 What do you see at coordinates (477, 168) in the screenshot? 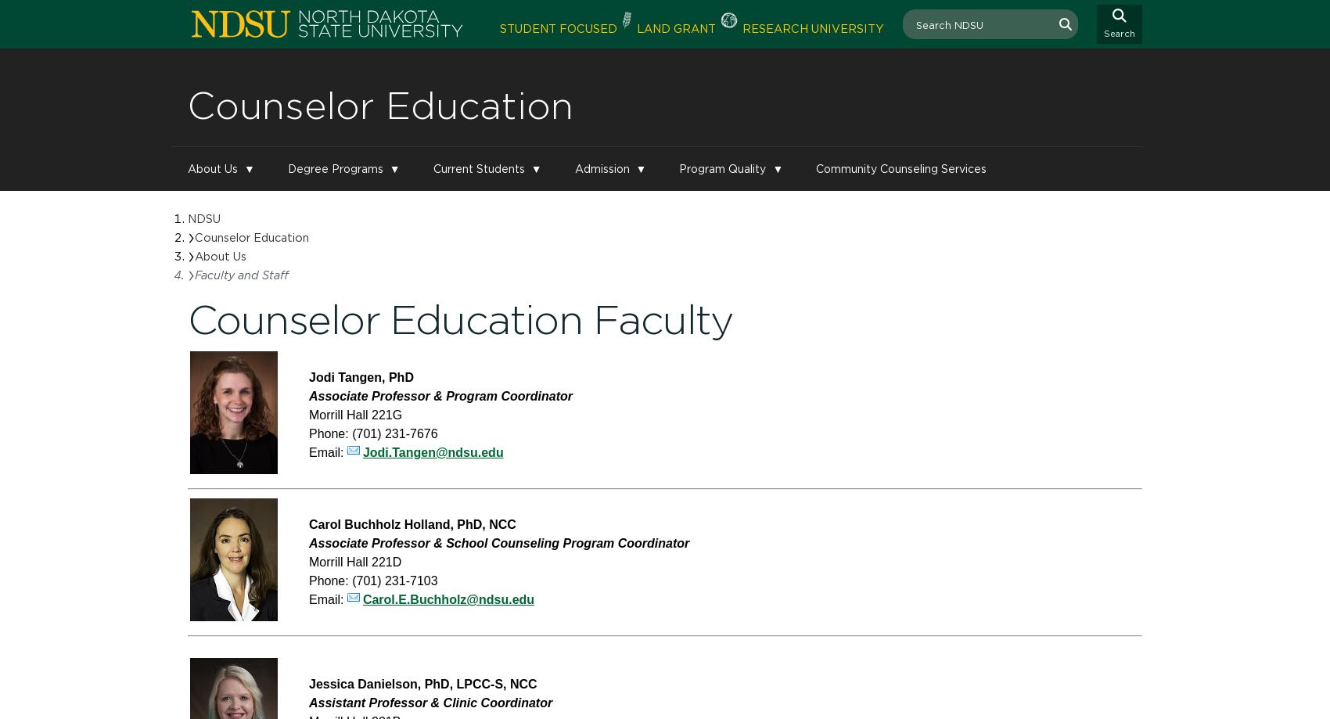
I see `'Current Students'` at bounding box center [477, 168].